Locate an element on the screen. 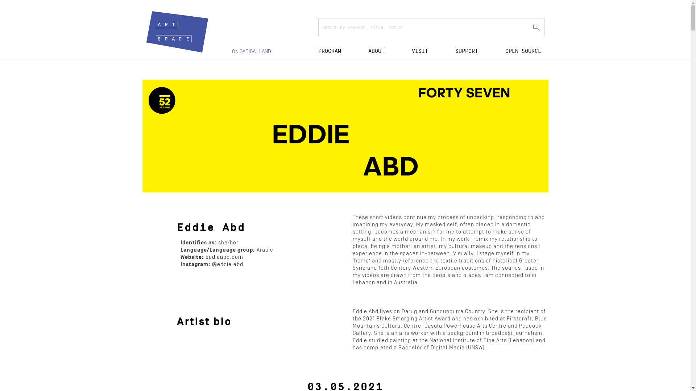 This screenshot has width=696, height=391. 'OPEN SOURCE' is located at coordinates (523, 50).